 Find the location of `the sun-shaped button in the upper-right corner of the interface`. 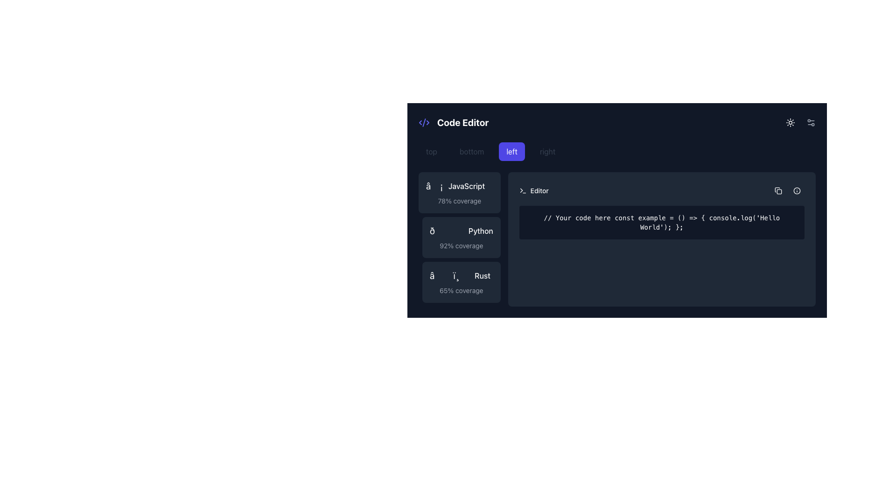

the sun-shaped button in the upper-right corner of the interface is located at coordinates (790, 122).